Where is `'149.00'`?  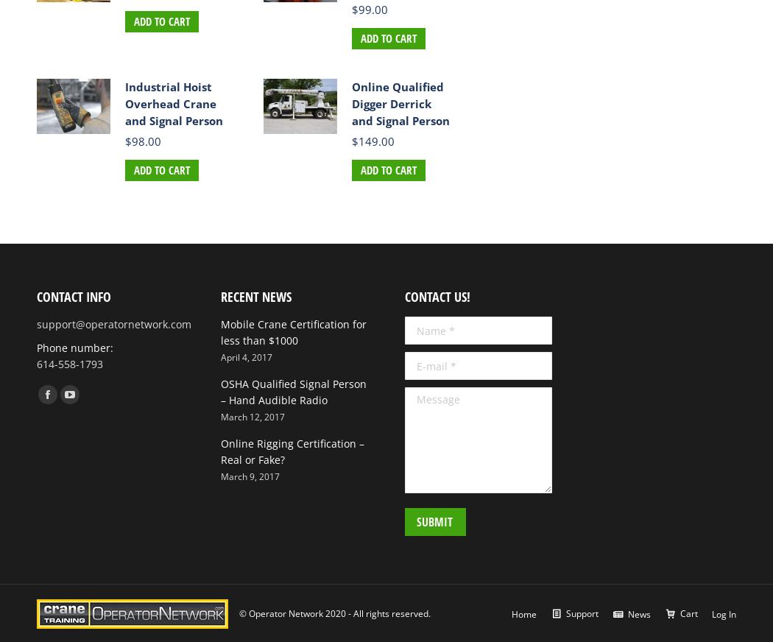 '149.00' is located at coordinates (375, 141).